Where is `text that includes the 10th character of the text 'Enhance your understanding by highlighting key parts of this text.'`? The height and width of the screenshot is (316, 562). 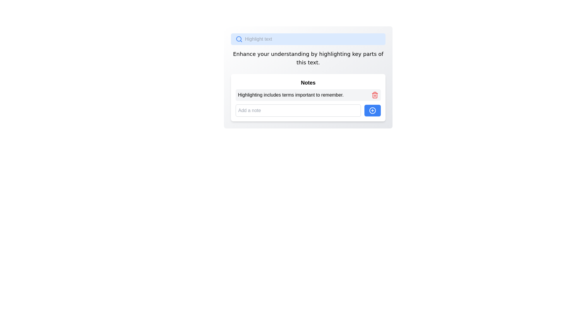 text that includes the 10th character of the text 'Enhance your understanding by highlighting key parts of this text.' is located at coordinates (251, 54).